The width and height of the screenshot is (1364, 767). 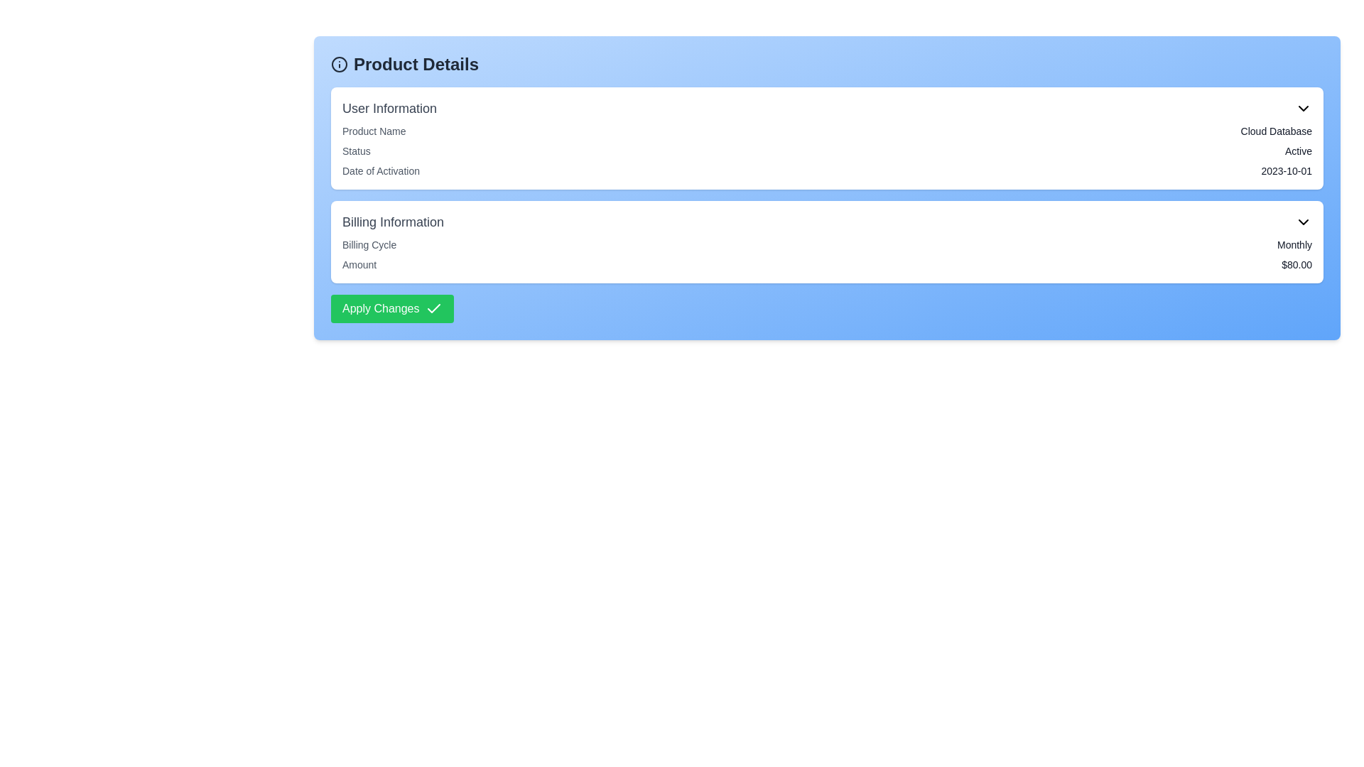 What do you see at coordinates (381, 170) in the screenshot?
I see `the 'Activation Date' text label that indicates '2023-10-01' within the 'User Information' section of the 'Product Details' panel` at bounding box center [381, 170].